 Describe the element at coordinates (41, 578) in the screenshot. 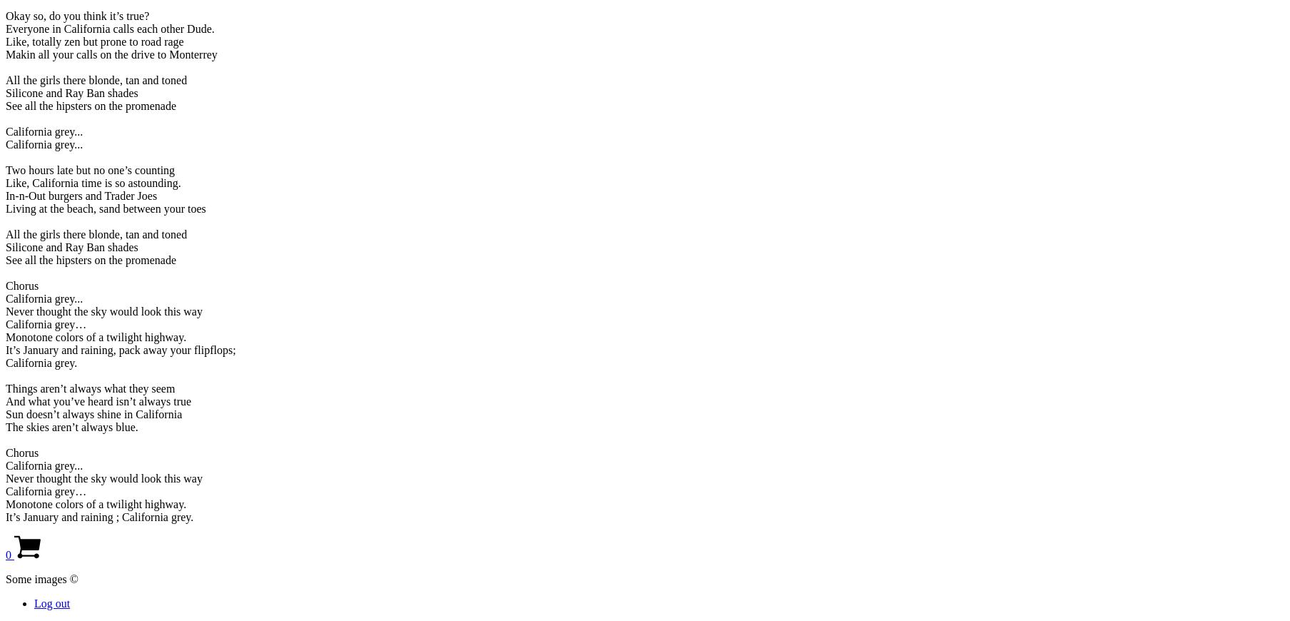

I see `'Some images ©'` at that location.